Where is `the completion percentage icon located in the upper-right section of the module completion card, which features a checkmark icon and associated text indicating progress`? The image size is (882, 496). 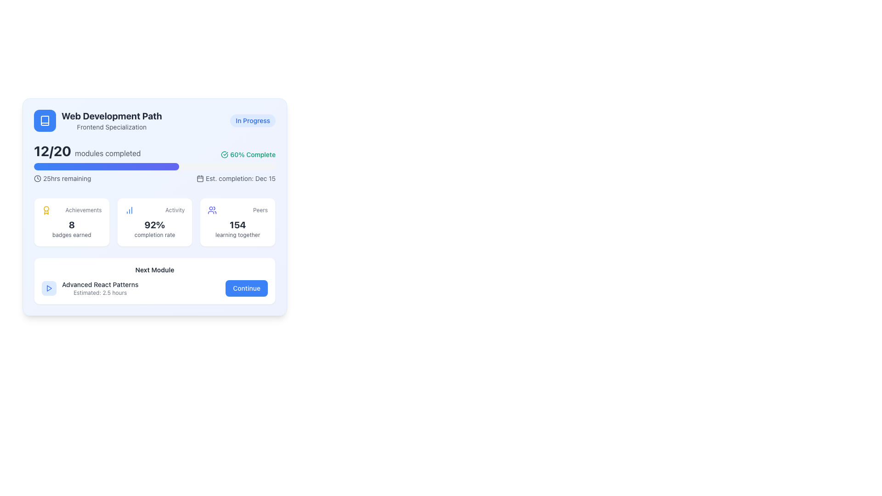 the completion percentage icon located in the upper-right section of the module completion card, which features a checkmark icon and associated text indicating progress is located at coordinates (248, 154).